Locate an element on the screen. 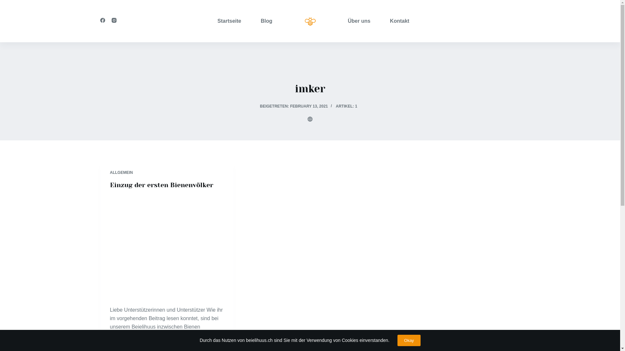 The height and width of the screenshot is (351, 625). 'Zum Inhalt springen' is located at coordinates (6, 3).